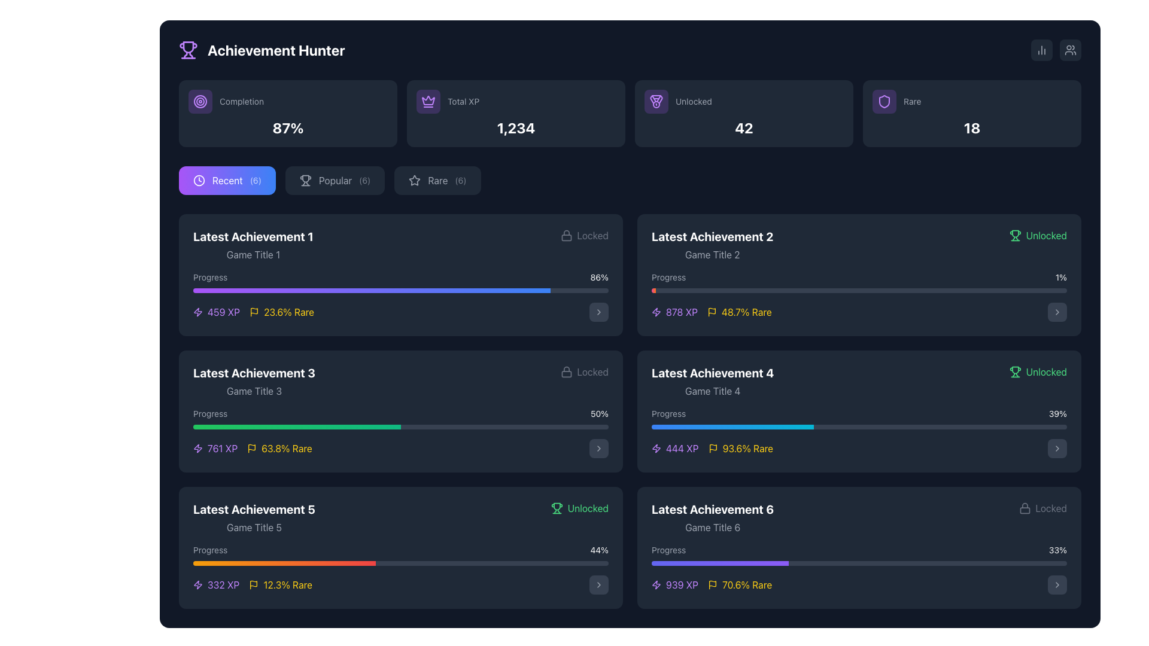  I want to click on the lock icon located to the left of the 'Locked' label, which indicates that the associated content is locked or restricted, so click(566, 235).